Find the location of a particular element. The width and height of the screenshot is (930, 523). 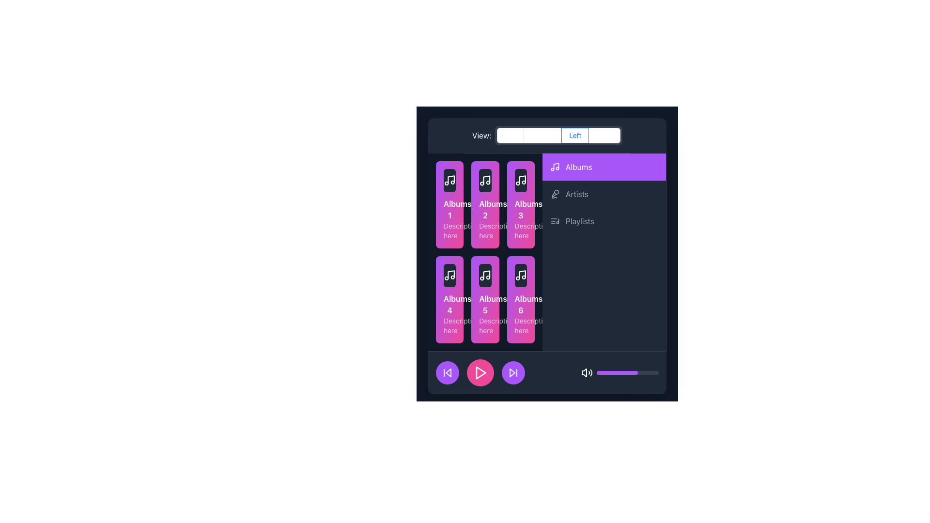

the slider is located at coordinates (615, 372).